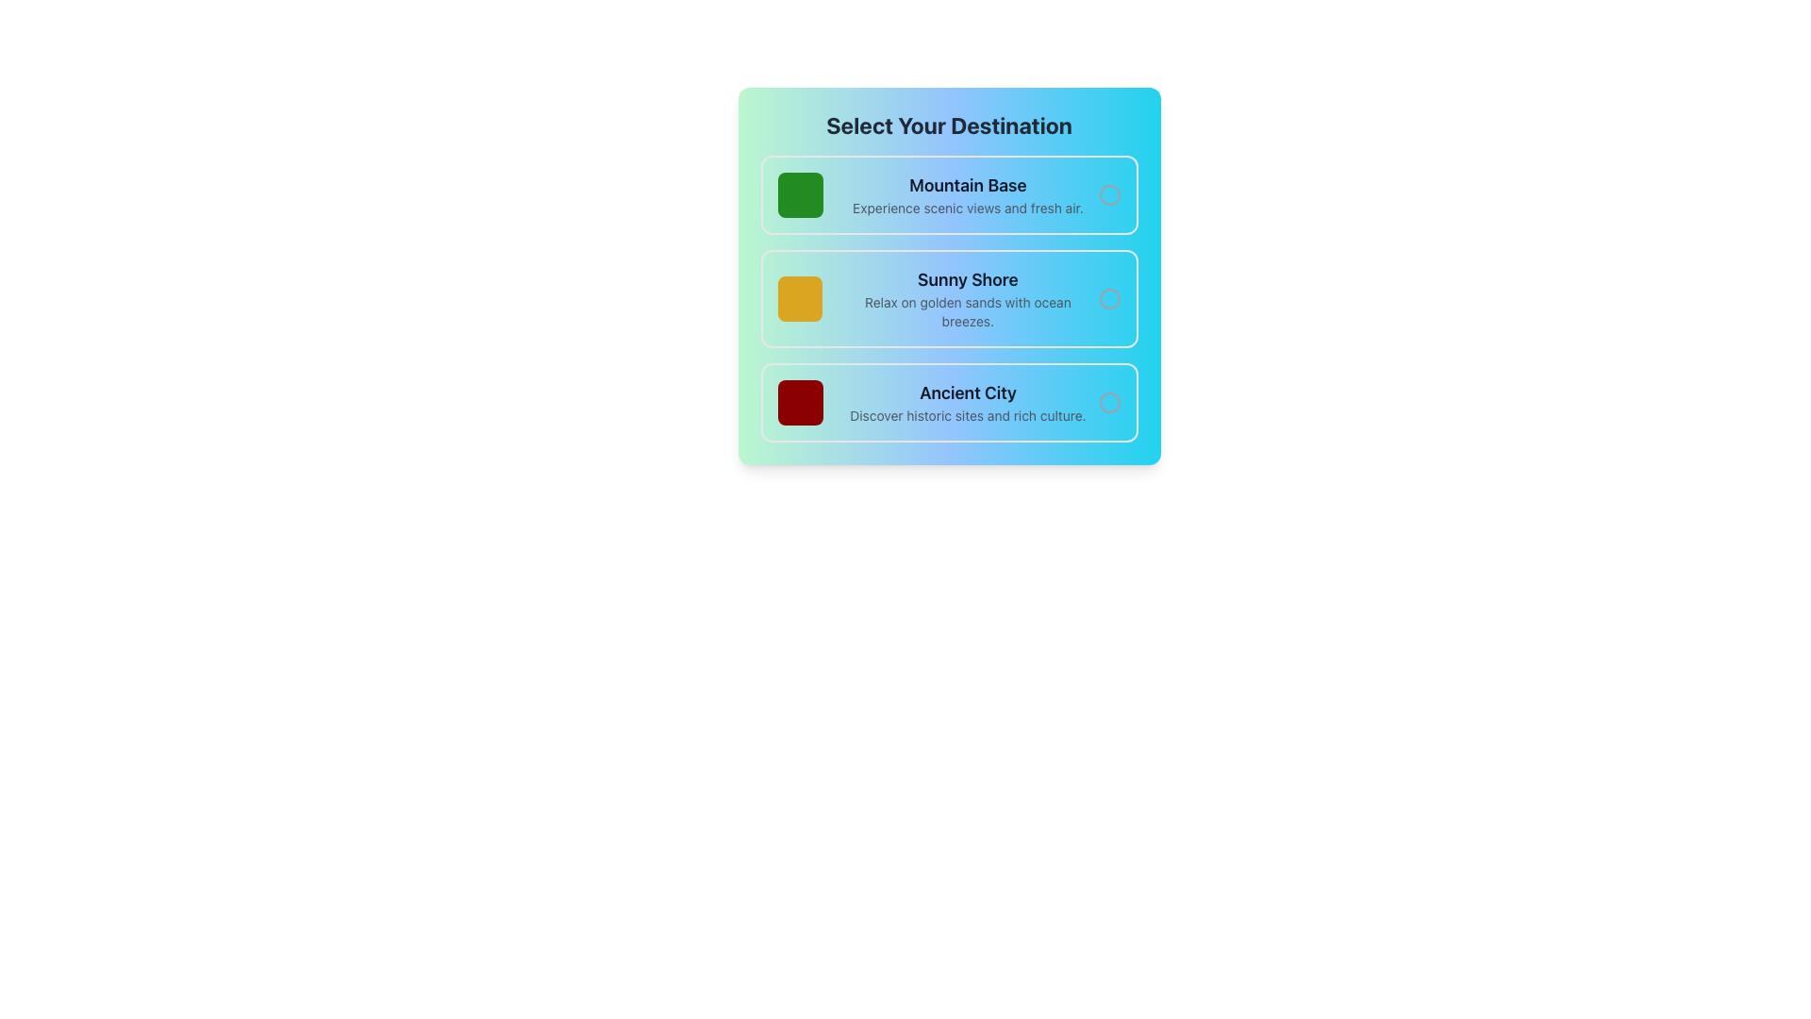  I want to click on the text label that states 'Experience scenic views and fresh air.' located below the 'Mountain Base' header in the selection card, so click(968, 208).